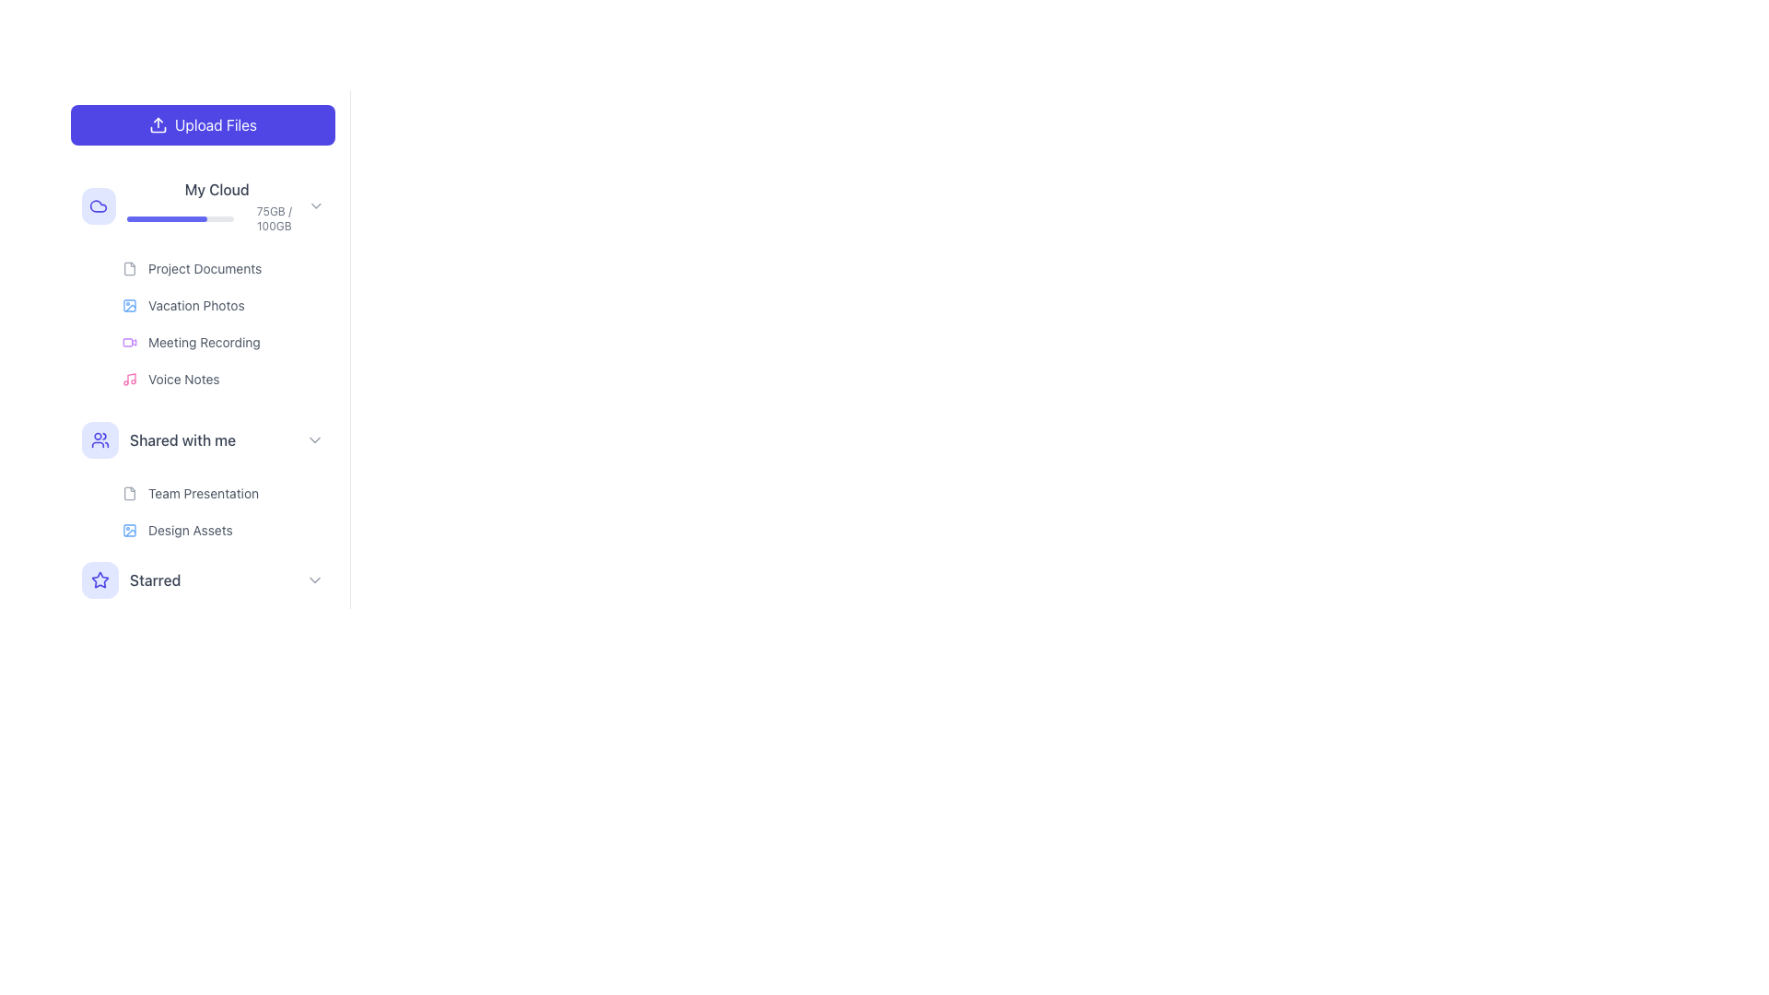  Describe the element at coordinates (128, 304) in the screenshot. I see `the 'Vacation Photos' icon located in the left panel of the cloud storage interface, which visually represents the vacation photos category and is positioned directly to the left of the text label 'Vacation Photos'` at that location.